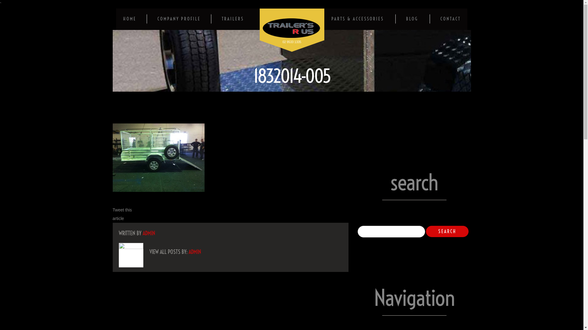 This screenshot has height=330, width=588. I want to click on 'Tweet this article', so click(122, 214).